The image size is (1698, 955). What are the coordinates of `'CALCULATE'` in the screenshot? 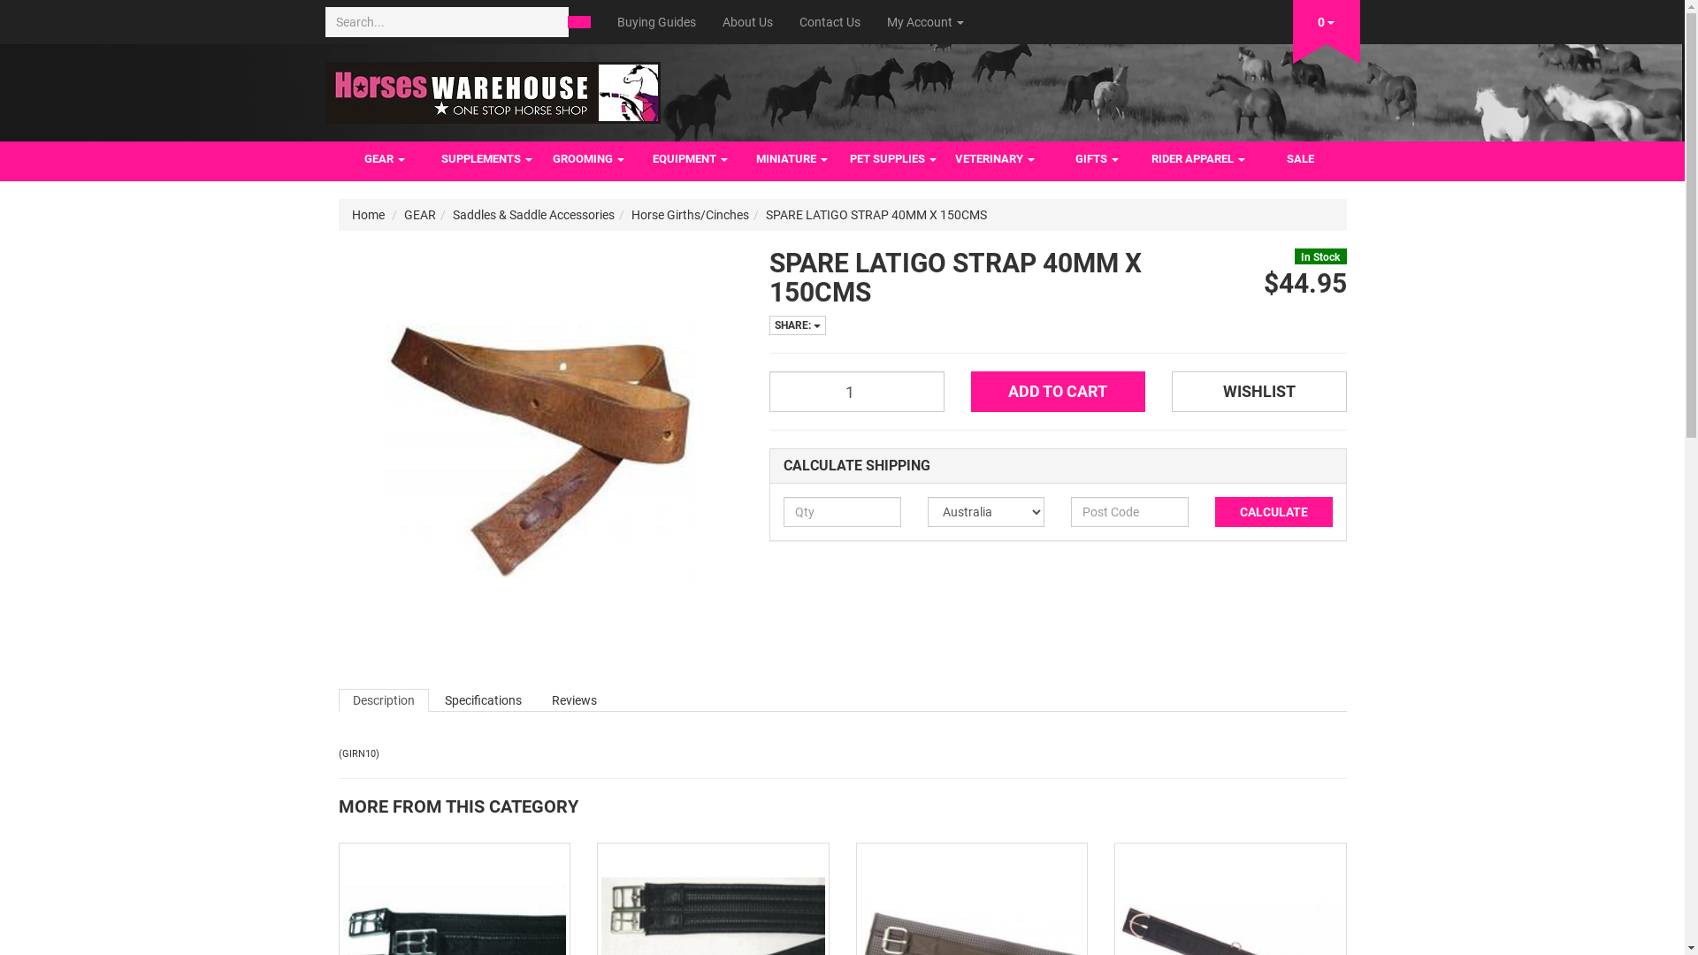 It's located at (1273, 511).